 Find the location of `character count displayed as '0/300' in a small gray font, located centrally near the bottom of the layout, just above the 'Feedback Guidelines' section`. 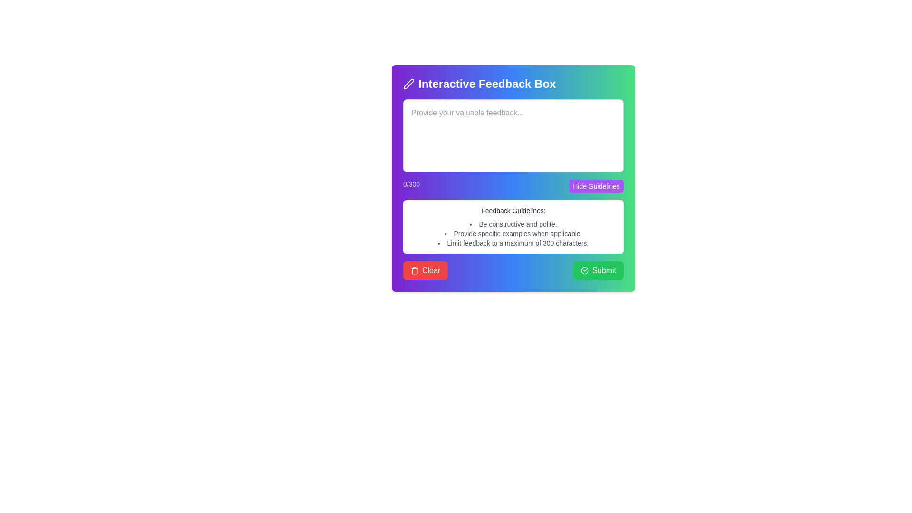

character count displayed as '0/300' in a small gray font, located centrally near the bottom of the layout, just above the 'Feedback Guidelines' section is located at coordinates (513, 186).